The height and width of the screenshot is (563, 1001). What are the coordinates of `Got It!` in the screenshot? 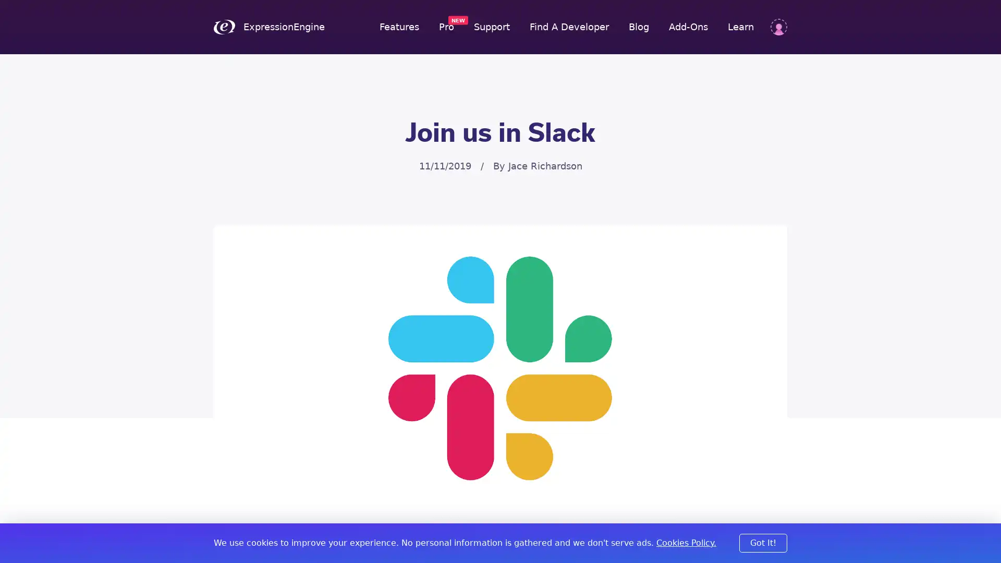 It's located at (763, 542).